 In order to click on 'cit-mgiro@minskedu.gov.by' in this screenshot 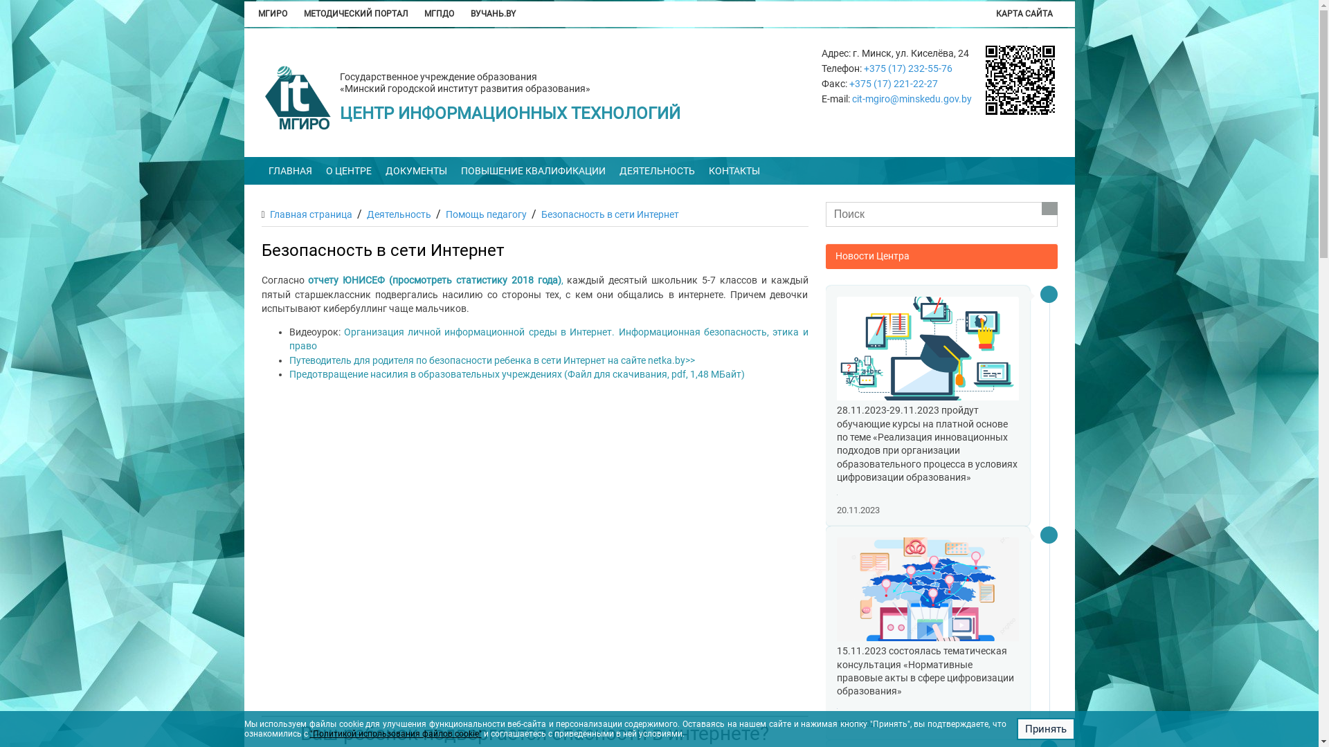, I will do `click(912, 98)`.